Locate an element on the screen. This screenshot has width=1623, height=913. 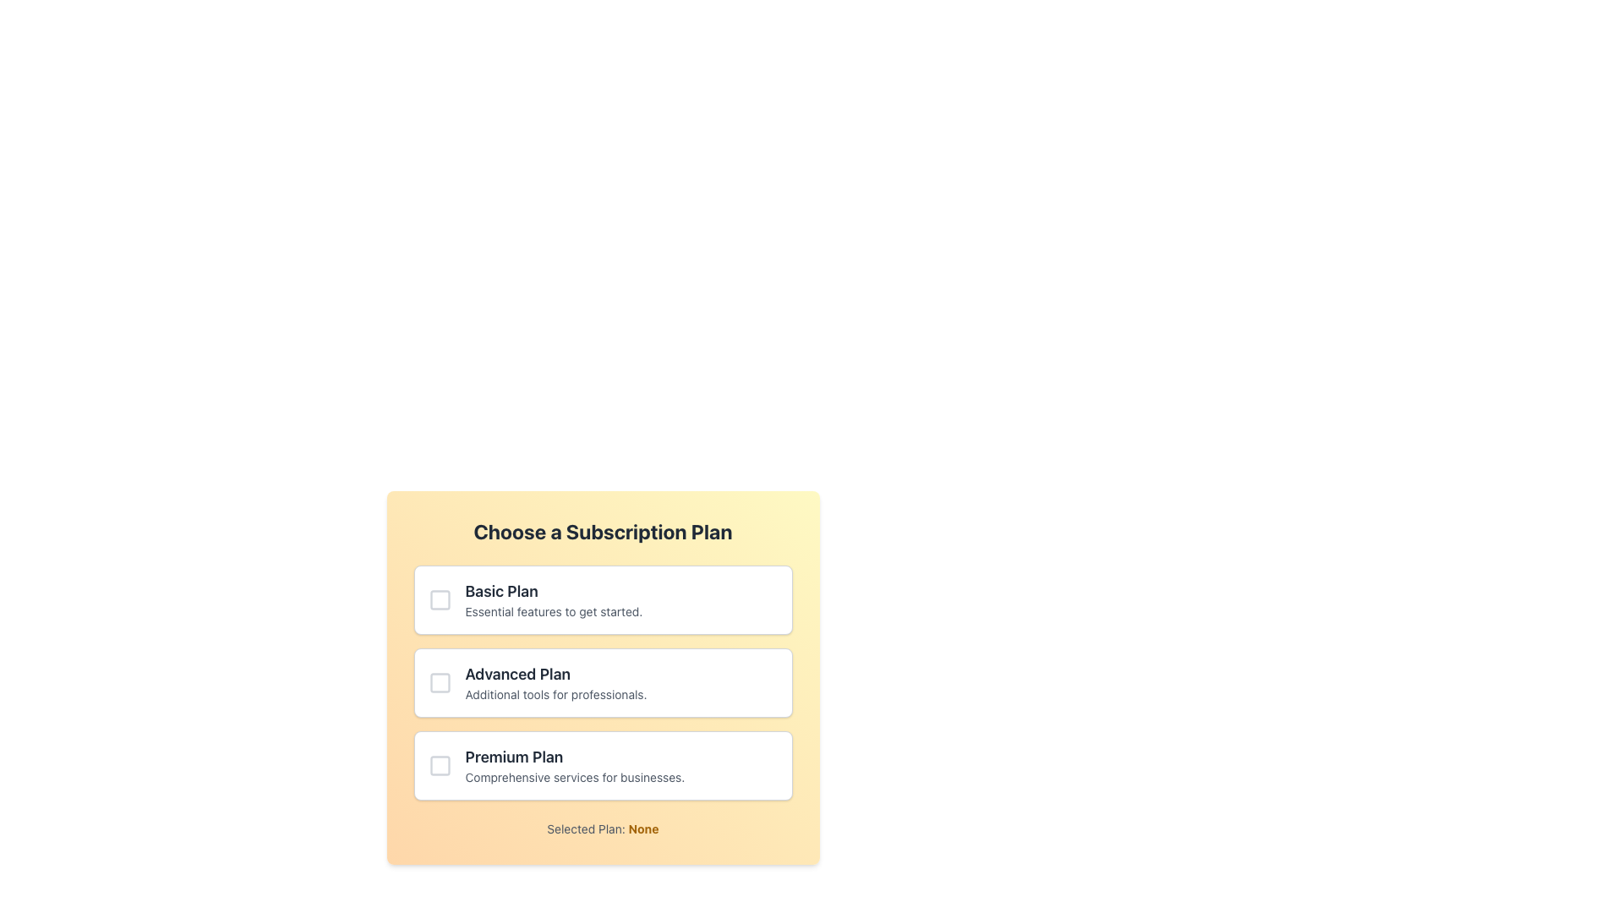
text content that describes the 'Premium Plan', which is located in the bottom section of the card labeled 'Premium Plan', positioned below the checkbox and above the bottom border of the card is located at coordinates (620, 766).